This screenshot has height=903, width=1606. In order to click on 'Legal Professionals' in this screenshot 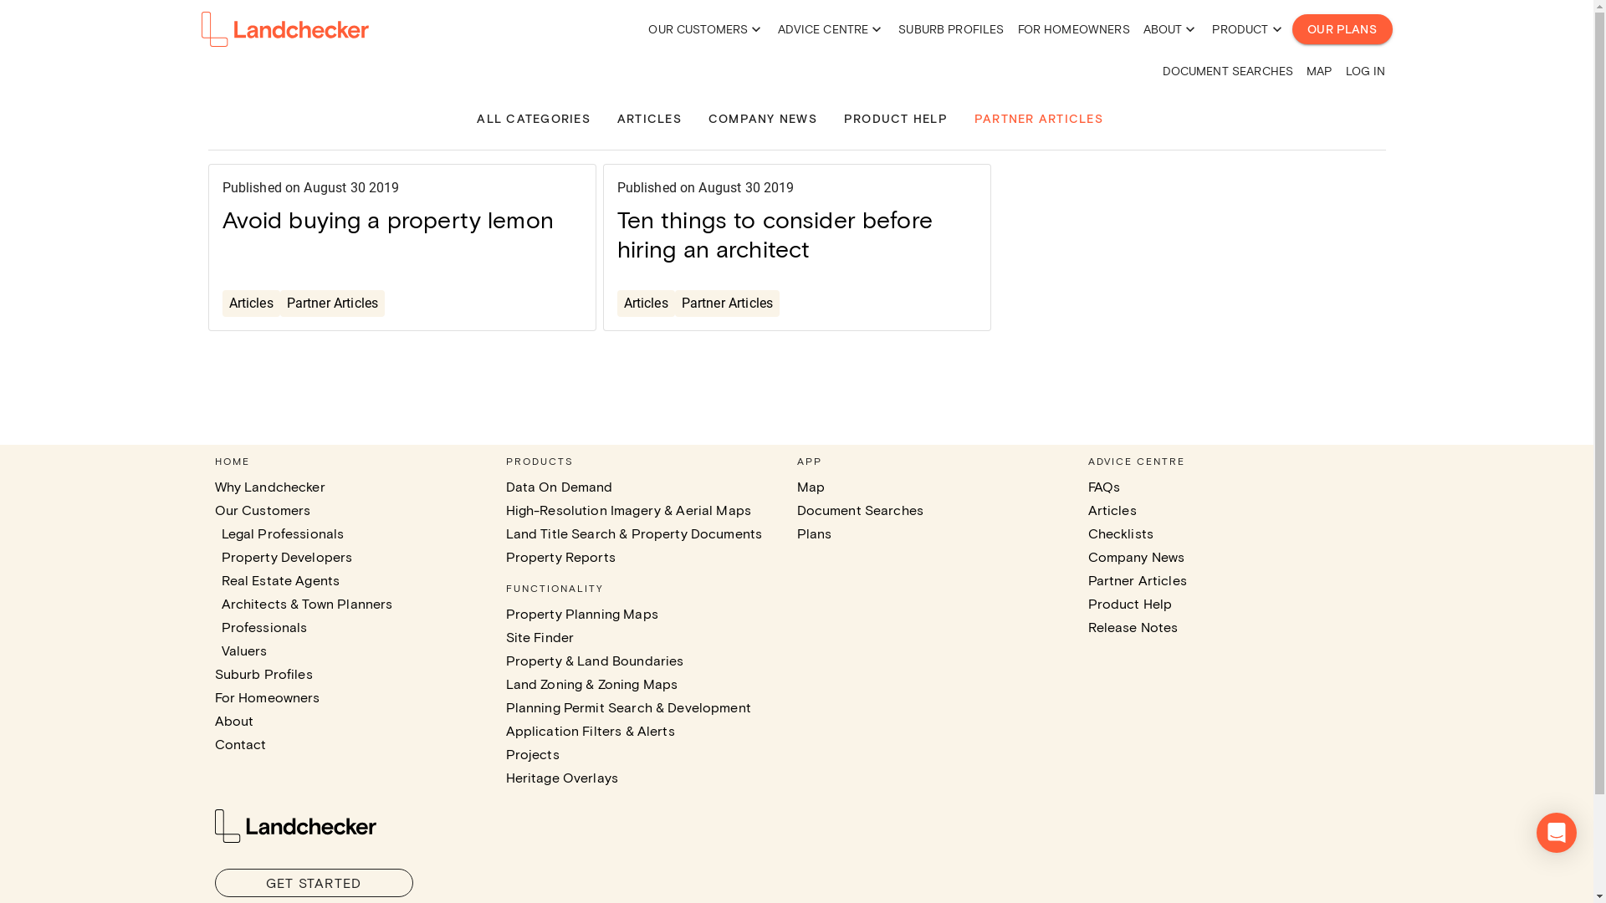, I will do `click(282, 533)`.